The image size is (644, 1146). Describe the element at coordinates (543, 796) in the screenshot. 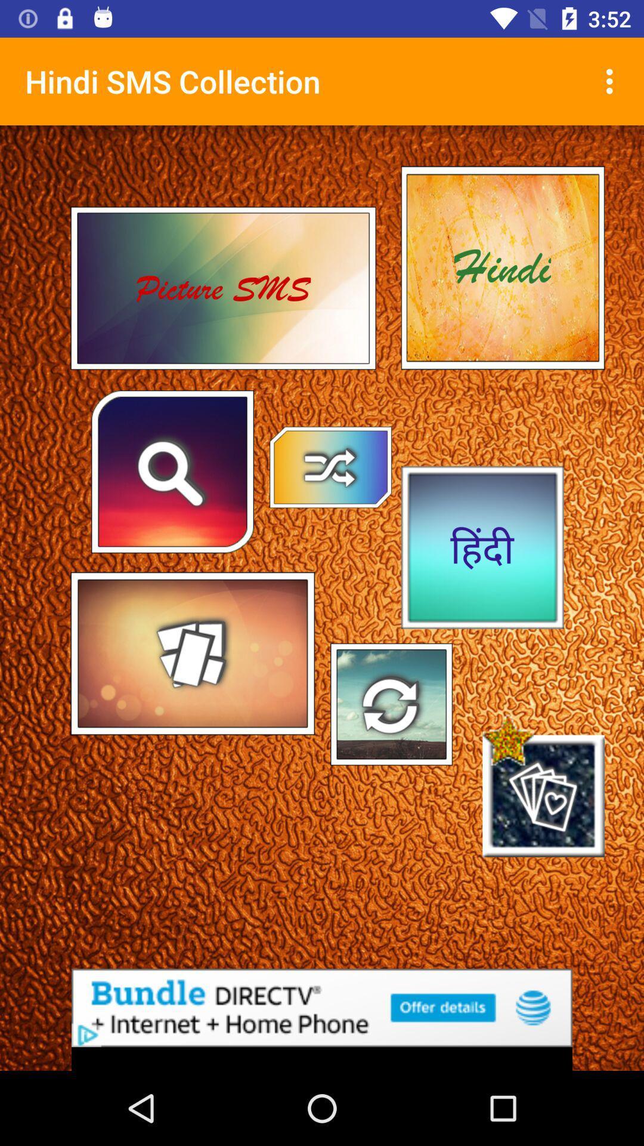

I see `the playing cards icon` at that location.